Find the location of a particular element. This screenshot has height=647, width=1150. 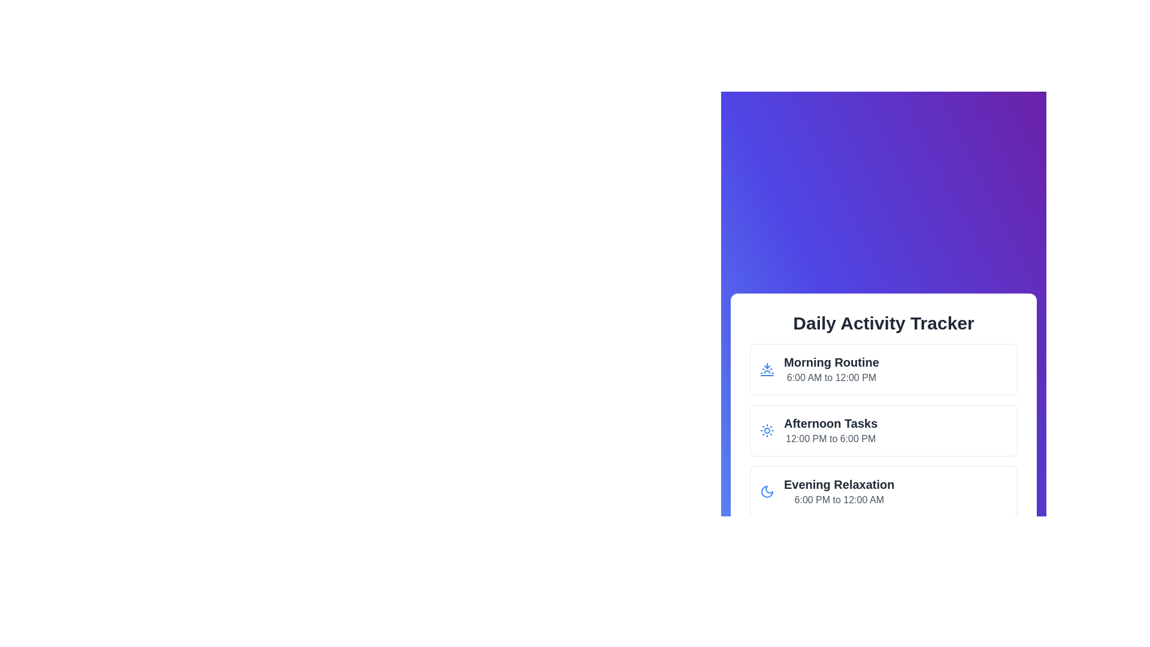

the 'Morning Routine' informational text element, which features a bold title and a subtitle within a card layout is located at coordinates (831, 369).